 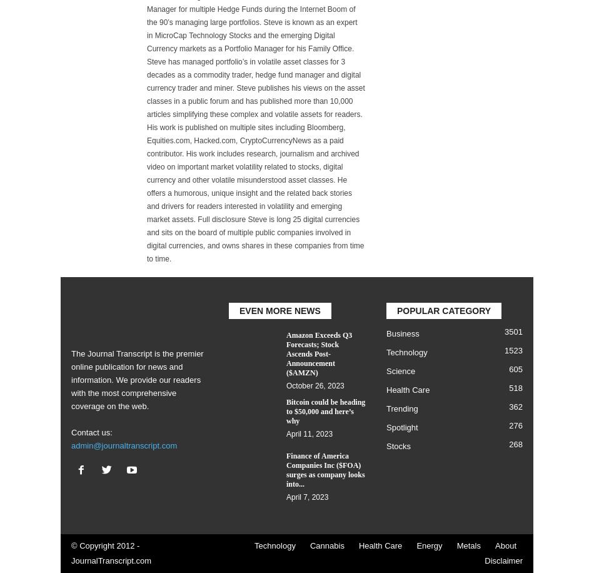 What do you see at coordinates (503, 560) in the screenshot?
I see `'Disclaimer'` at bounding box center [503, 560].